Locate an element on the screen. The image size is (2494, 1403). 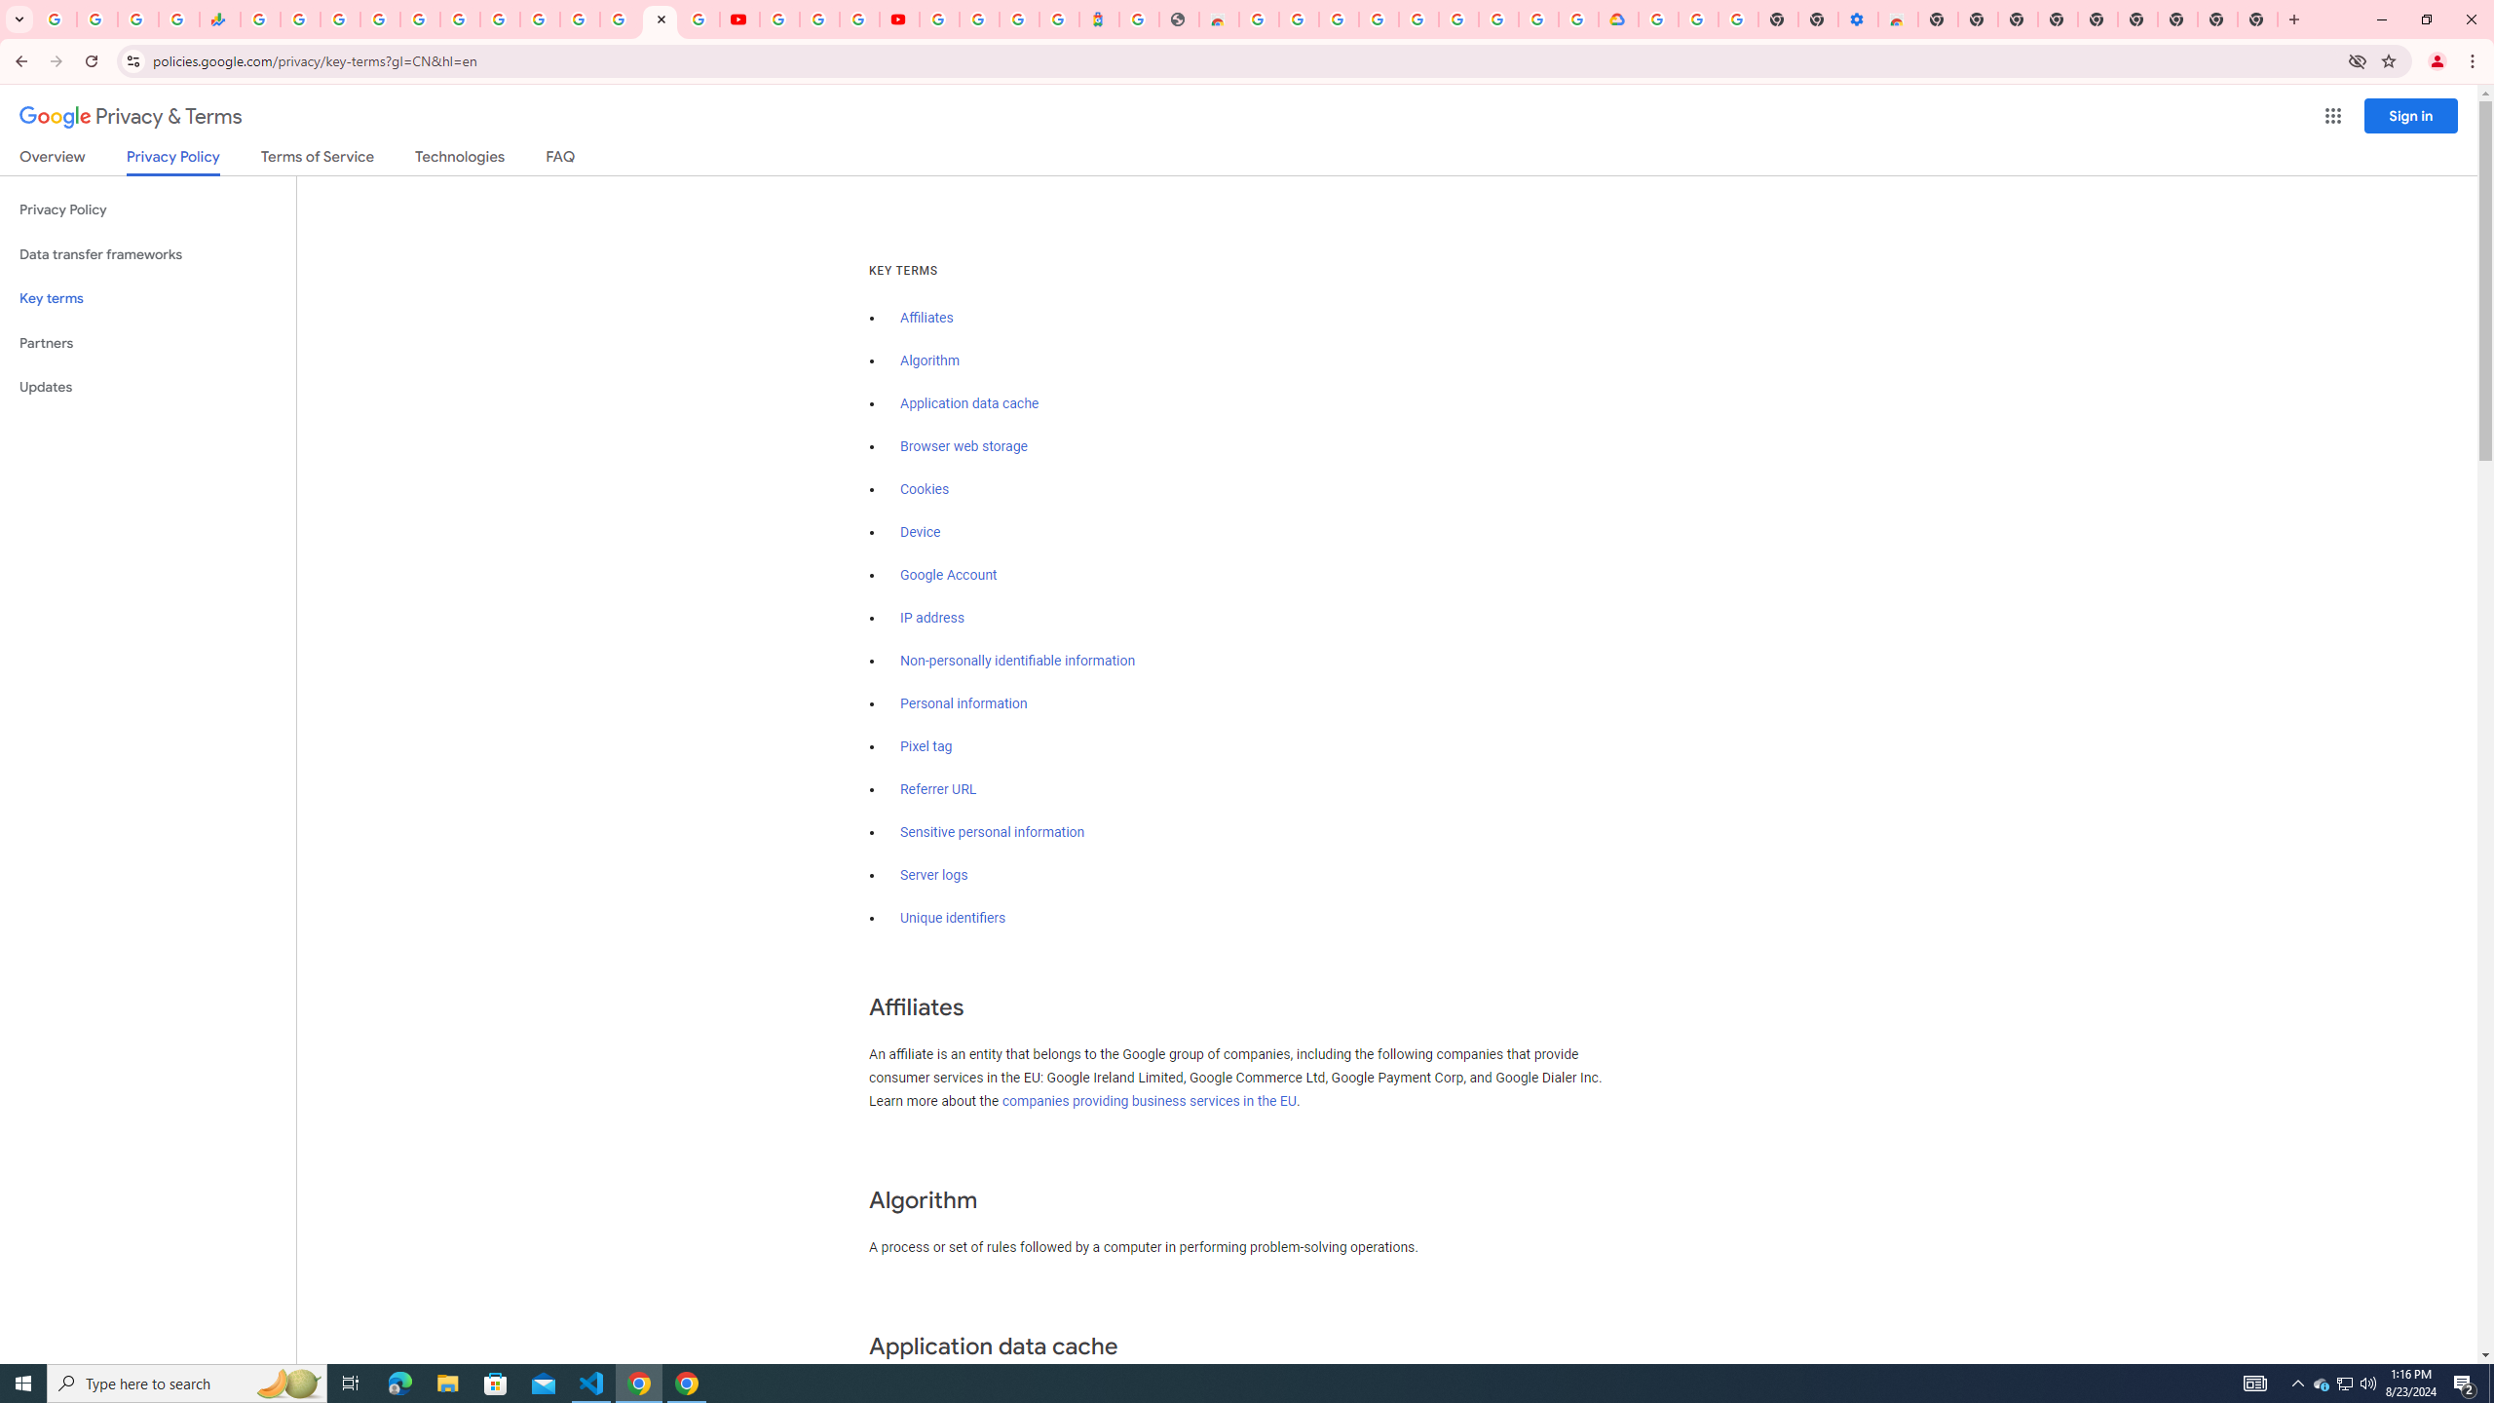
'Turn cookies on or off - Computer - Google Account Help' is located at coordinates (1739, 19).